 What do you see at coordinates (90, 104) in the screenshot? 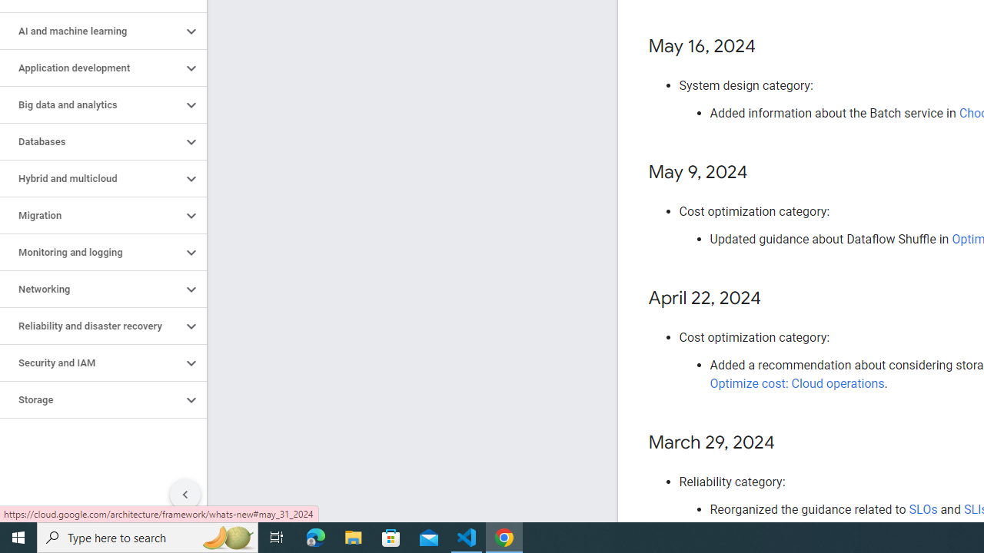
I see `'Big data and analytics'` at bounding box center [90, 104].